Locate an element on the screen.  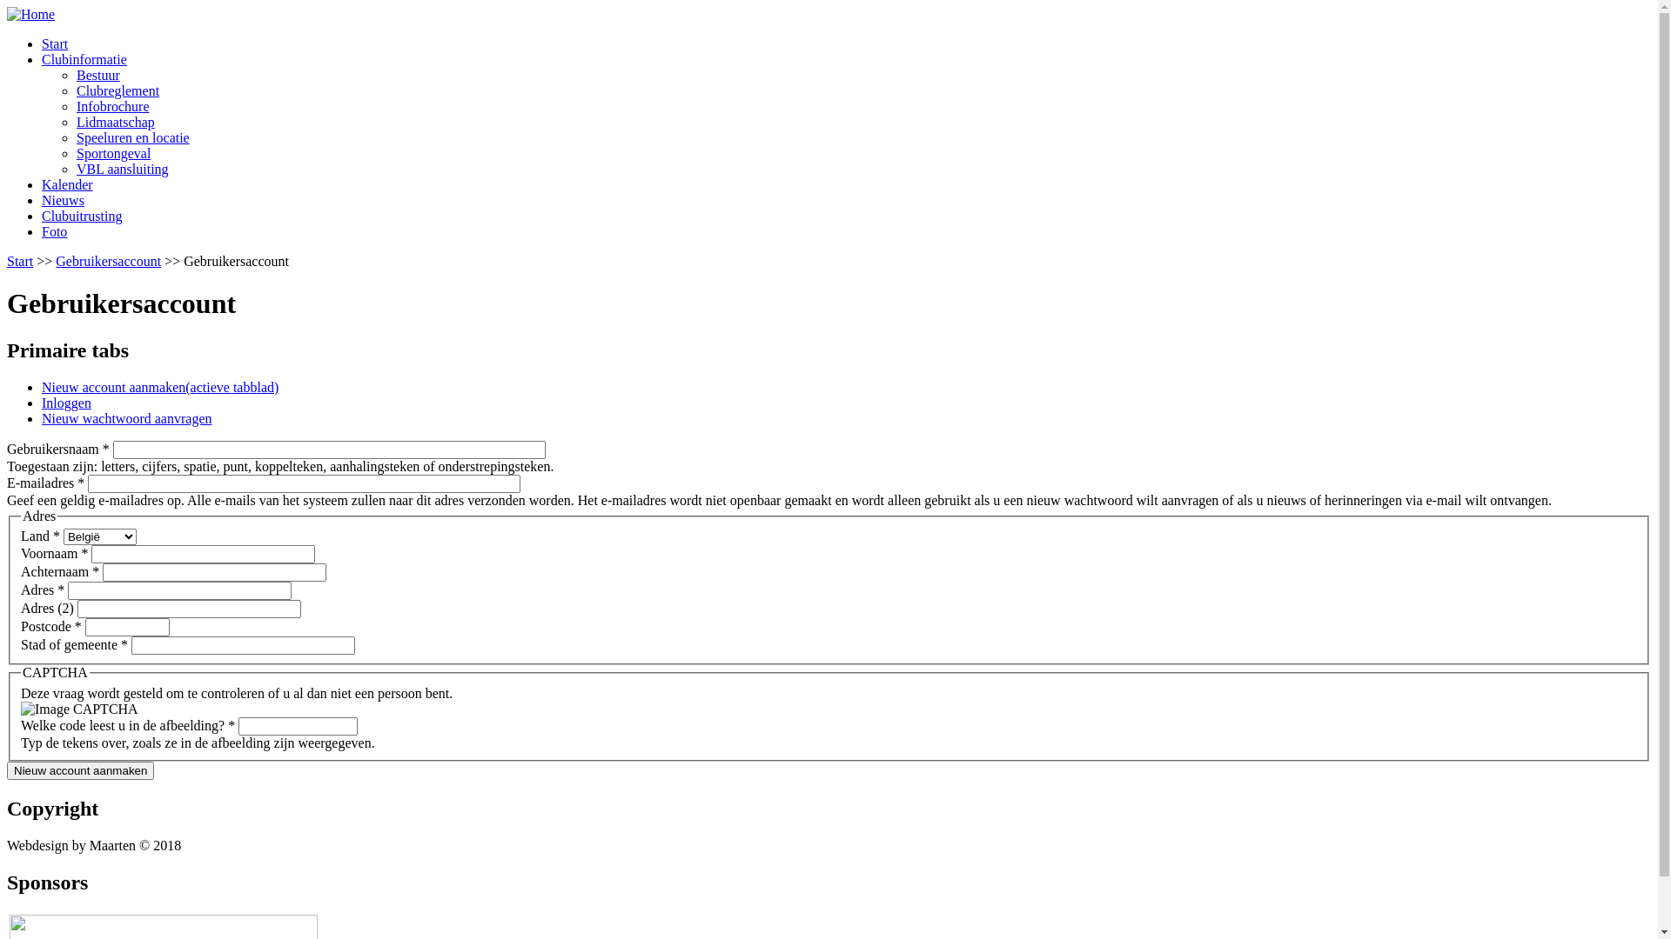
'Inloggen' is located at coordinates (66, 403).